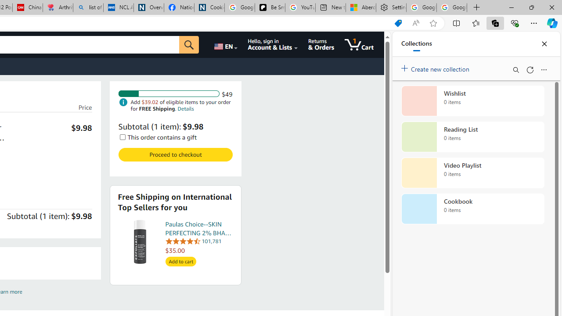 The width and height of the screenshot is (562, 316). Describe the element at coordinates (472, 208) in the screenshot. I see `'Cookbook collection, 0 items'` at that location.